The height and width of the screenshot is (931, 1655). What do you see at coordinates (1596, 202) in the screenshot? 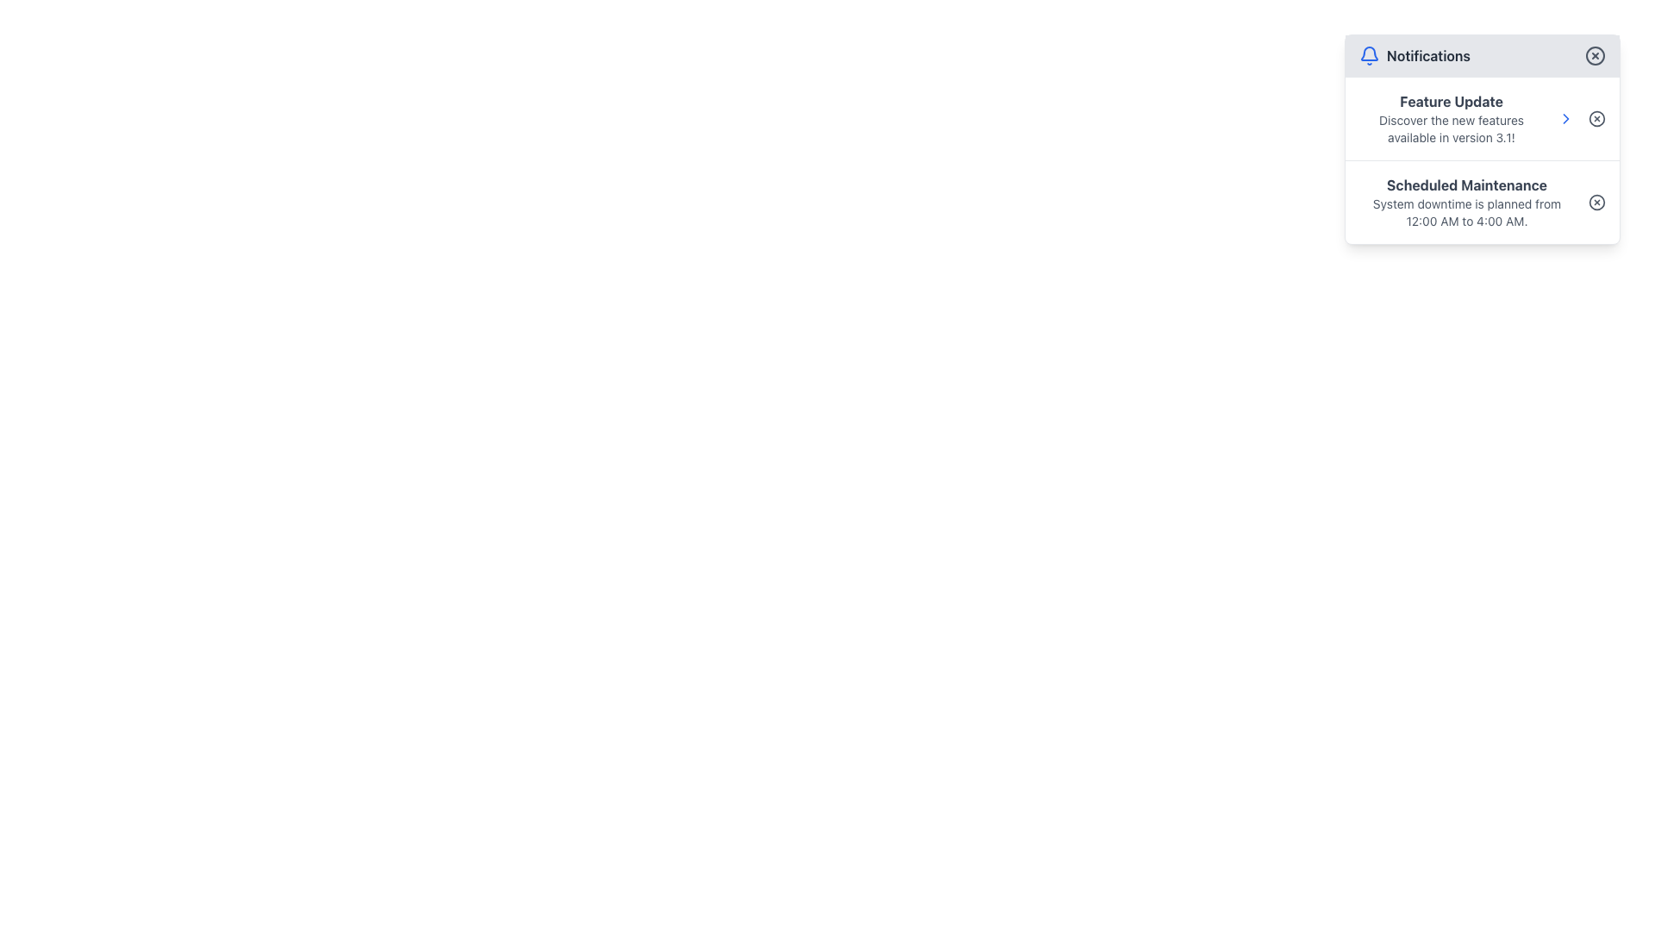
I see `the circular close button with an 'X' mark` at bounding box center [1596, 202].